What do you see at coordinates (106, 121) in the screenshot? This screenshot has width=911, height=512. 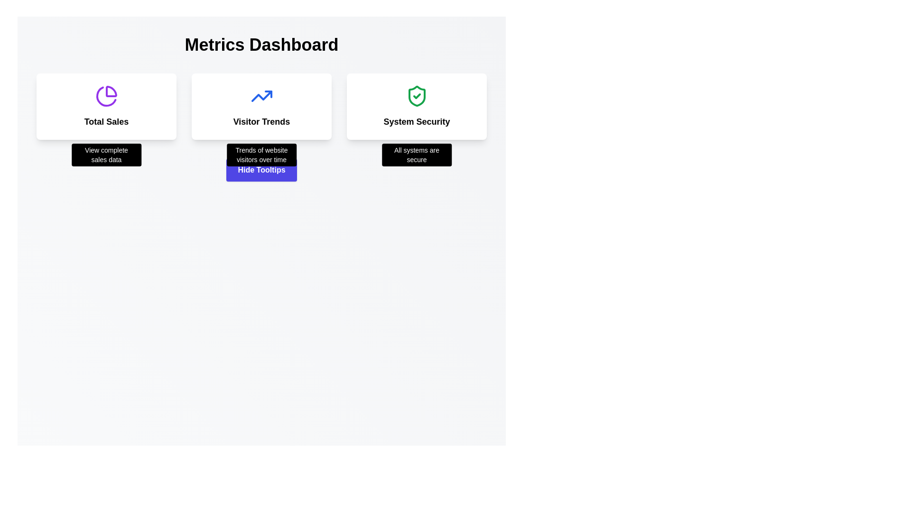 I see `the 'Total Sales' text header, which is located within a white, rounded rectangle card in the upper-central part of the interface, directly below a purple pie chart icon` at bounding box center [106, 121].